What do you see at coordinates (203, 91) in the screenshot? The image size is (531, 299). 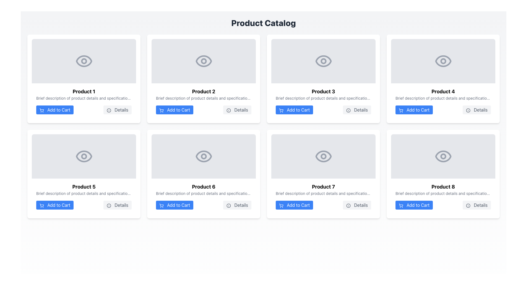 I see `the bold text displaying 'Product 2'` at bounding box center [203, 91].